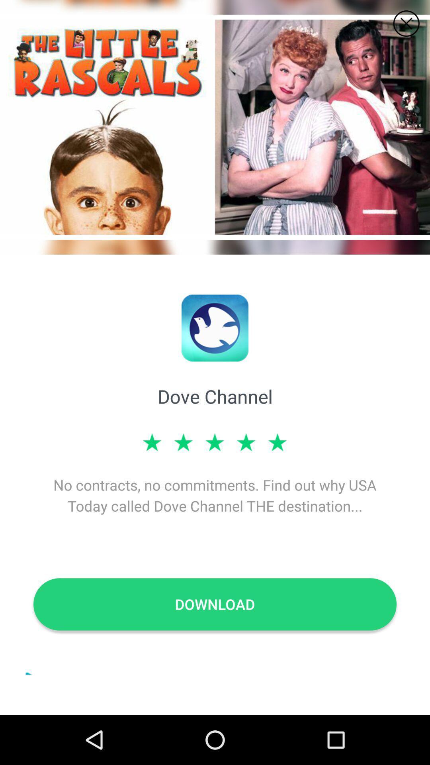 The width and height of the screenshot is (430, 765). What do you see at coordinates (406, 24) in the screenshot?
I see `the close icon` at bounding box center [406, 24].